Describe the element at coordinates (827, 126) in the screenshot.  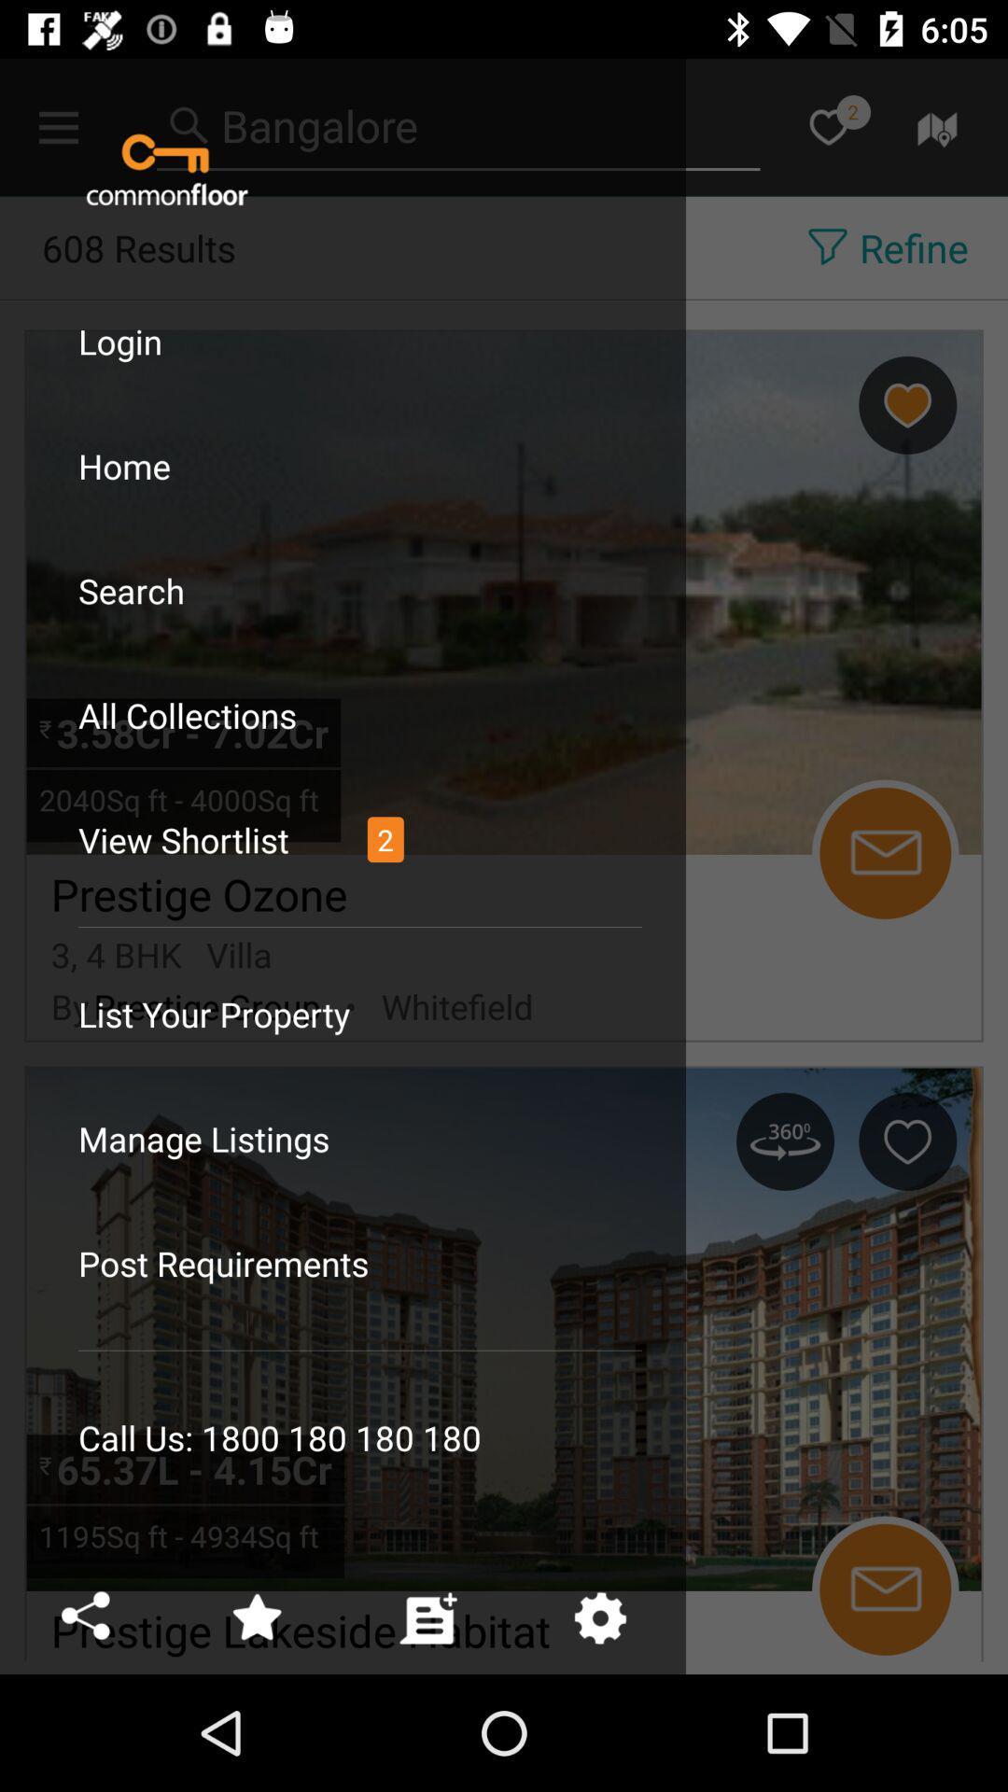
I see `the favorite icon` at that location.